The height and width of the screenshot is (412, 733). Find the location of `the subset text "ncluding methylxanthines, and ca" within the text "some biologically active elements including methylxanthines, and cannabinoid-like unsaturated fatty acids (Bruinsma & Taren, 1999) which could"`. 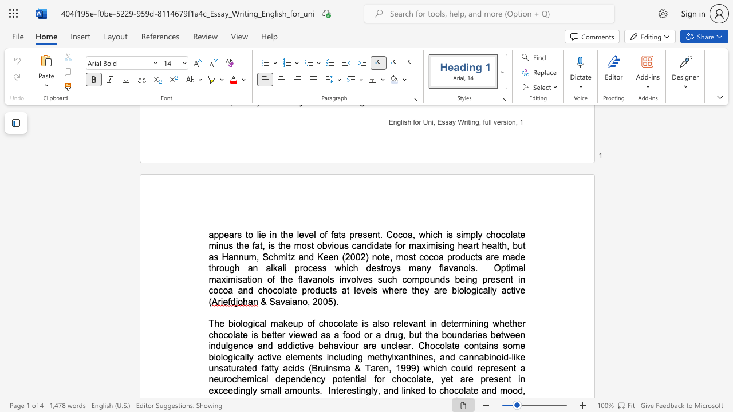

the subset text "ncluding methylxanthines, and ca" within the text "some biologically active elements including methylxanthines, and cannabinoid-like unsaturated fatty acids (Bruinsma & Taren, 1999) which could" is located at coordinates (328, 356).